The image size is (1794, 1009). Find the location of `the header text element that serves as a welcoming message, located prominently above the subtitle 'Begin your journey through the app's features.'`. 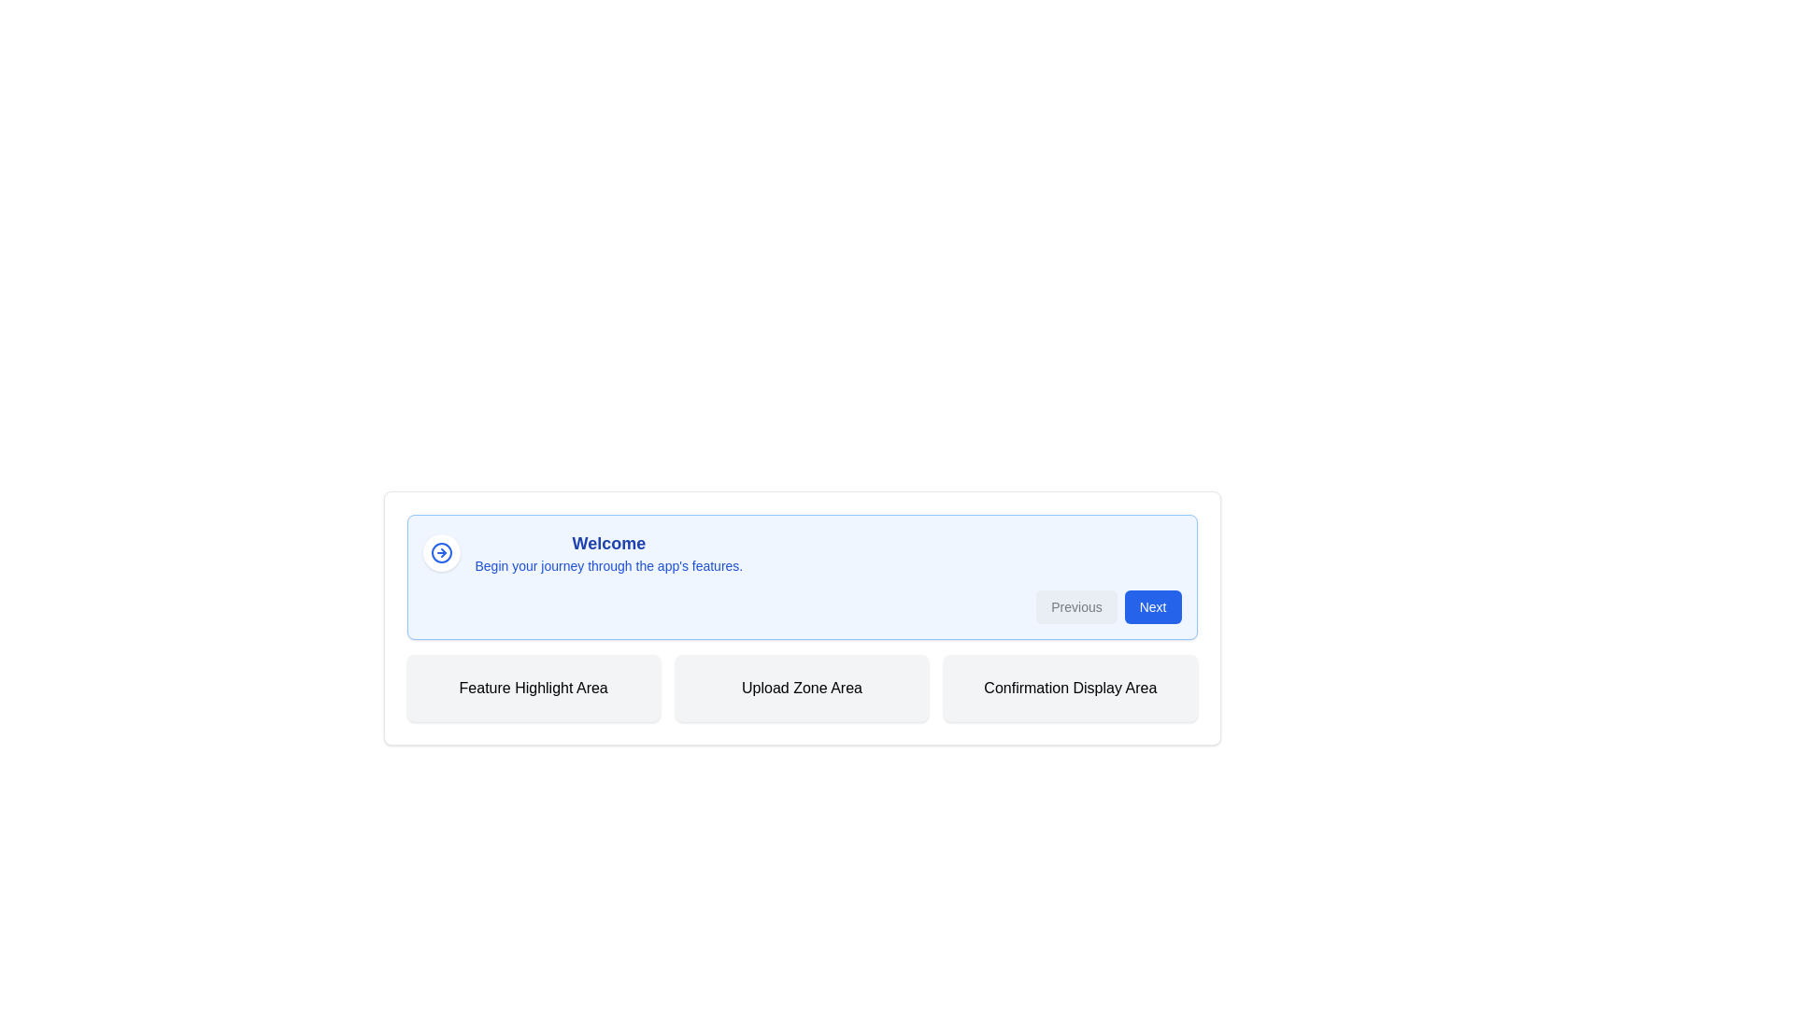

the header text element that serves as a welcoming message, located prominently above the subtitle 'Begin your journey through the app's features.' is located at coordinates (608, 544).